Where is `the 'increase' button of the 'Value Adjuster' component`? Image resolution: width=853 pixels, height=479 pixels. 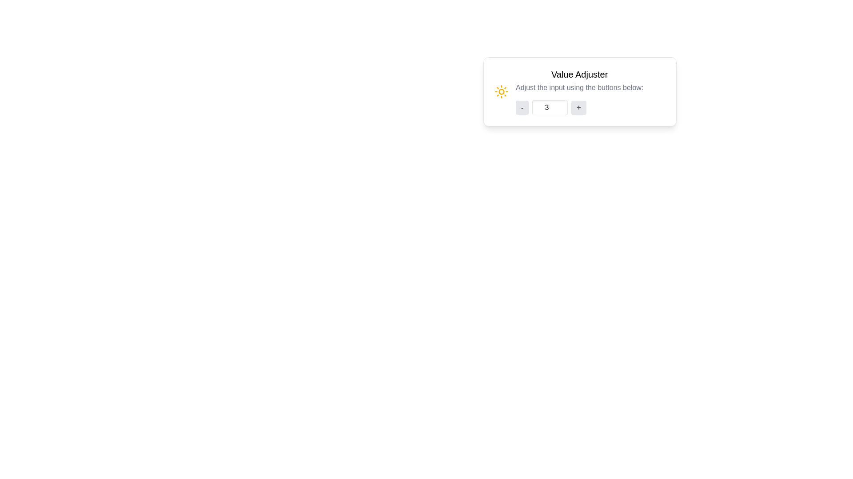 the 'increase' button of the 'Value Adjuster' component is located at coordinates (579, 107).